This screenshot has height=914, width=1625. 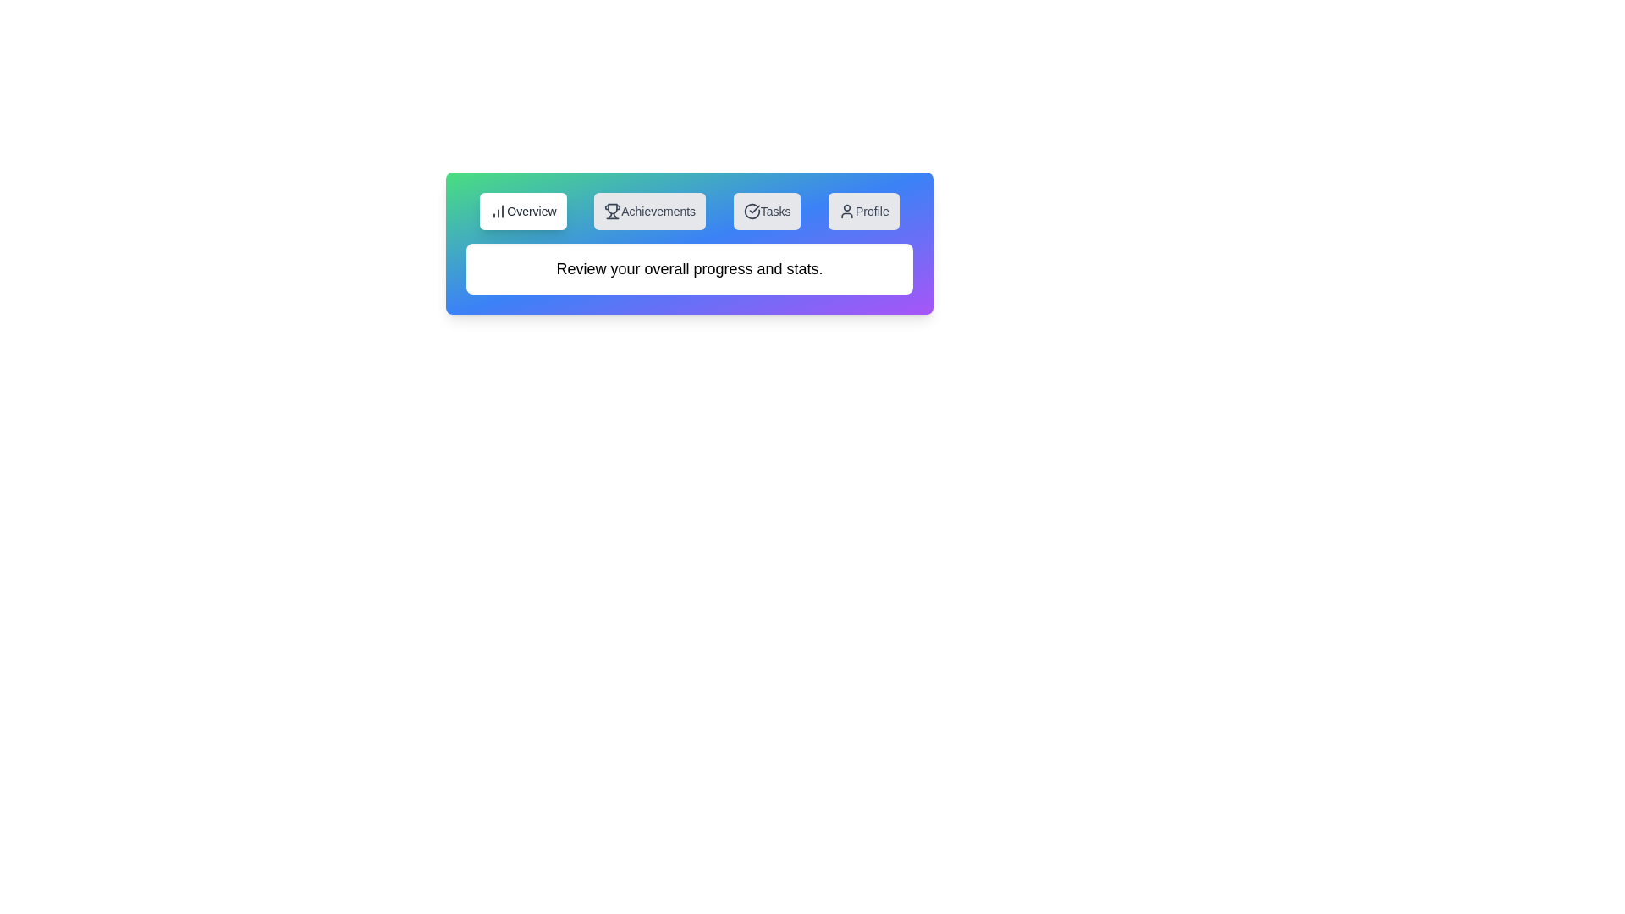 I want to click on the tab labeled Achievements to switch to that tab, so click(x=649, y=211).